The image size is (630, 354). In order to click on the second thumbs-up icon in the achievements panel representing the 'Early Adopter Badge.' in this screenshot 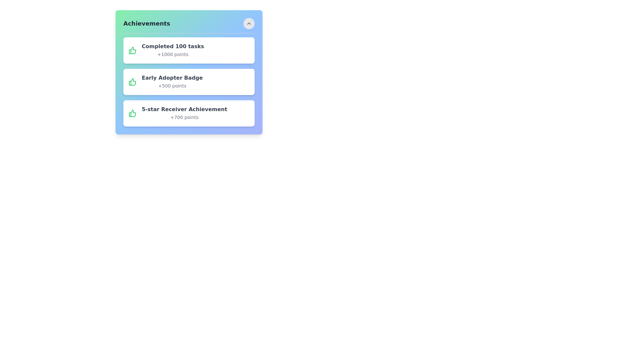, I will do `click(132, 113)`.